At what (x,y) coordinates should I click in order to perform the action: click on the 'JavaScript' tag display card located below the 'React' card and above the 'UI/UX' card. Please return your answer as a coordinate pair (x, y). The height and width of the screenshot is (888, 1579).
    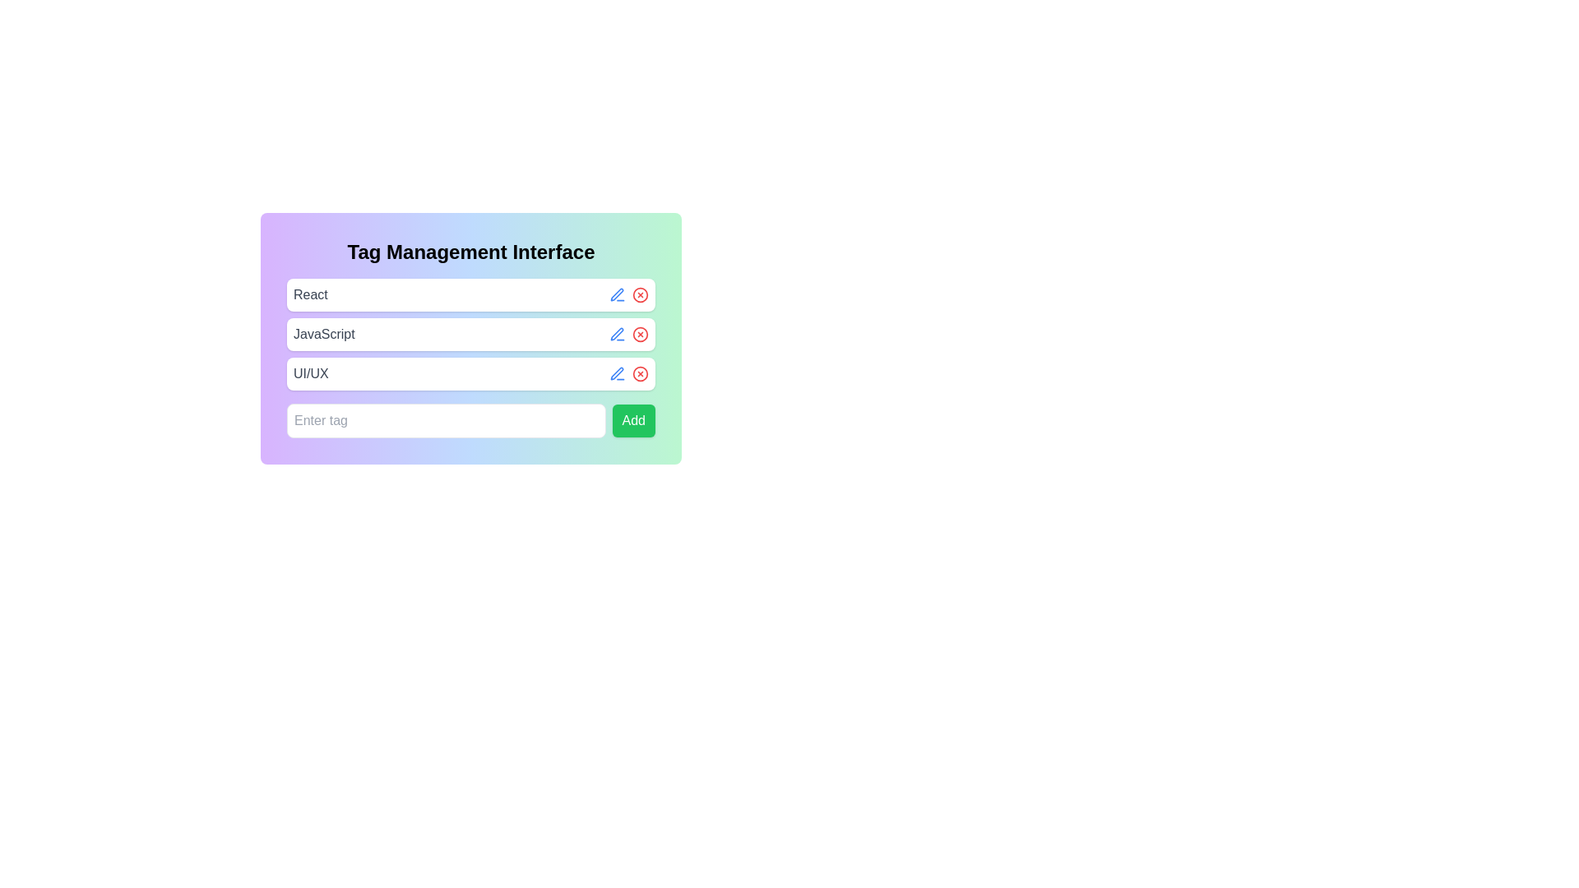
    Looking at the image, I should click on (470, 338).